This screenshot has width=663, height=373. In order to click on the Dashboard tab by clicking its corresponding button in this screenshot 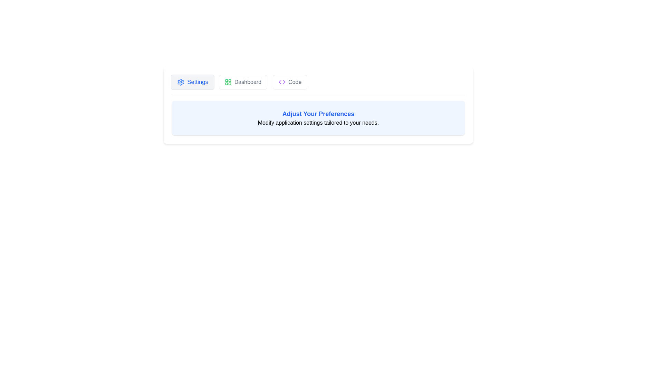, I will do `click(243, 82)`.